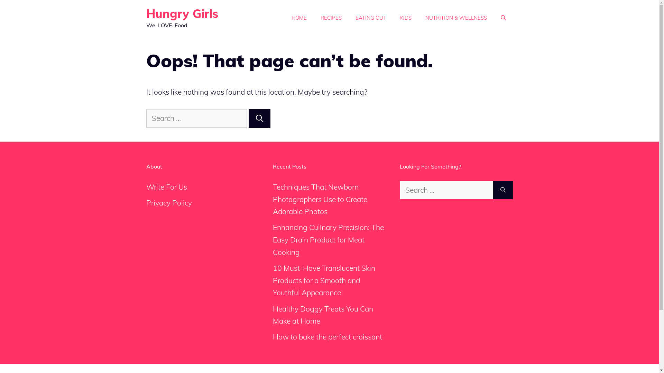 The height and width of the screenshot is (373, 664). I want to click on 'HOME', so click(299, 17).